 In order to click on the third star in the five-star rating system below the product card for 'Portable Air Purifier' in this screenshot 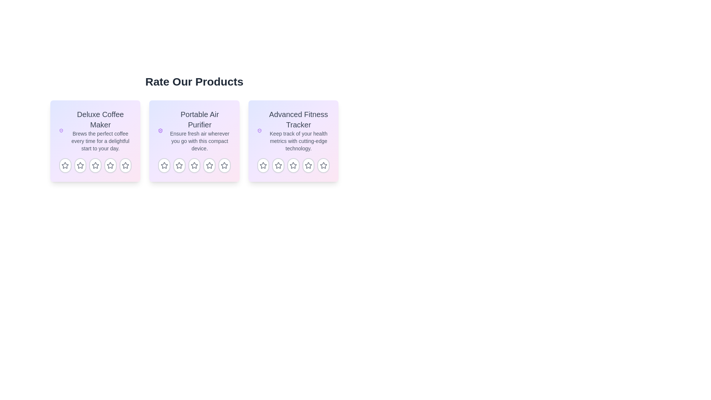, I will do `click(194, 165)`.